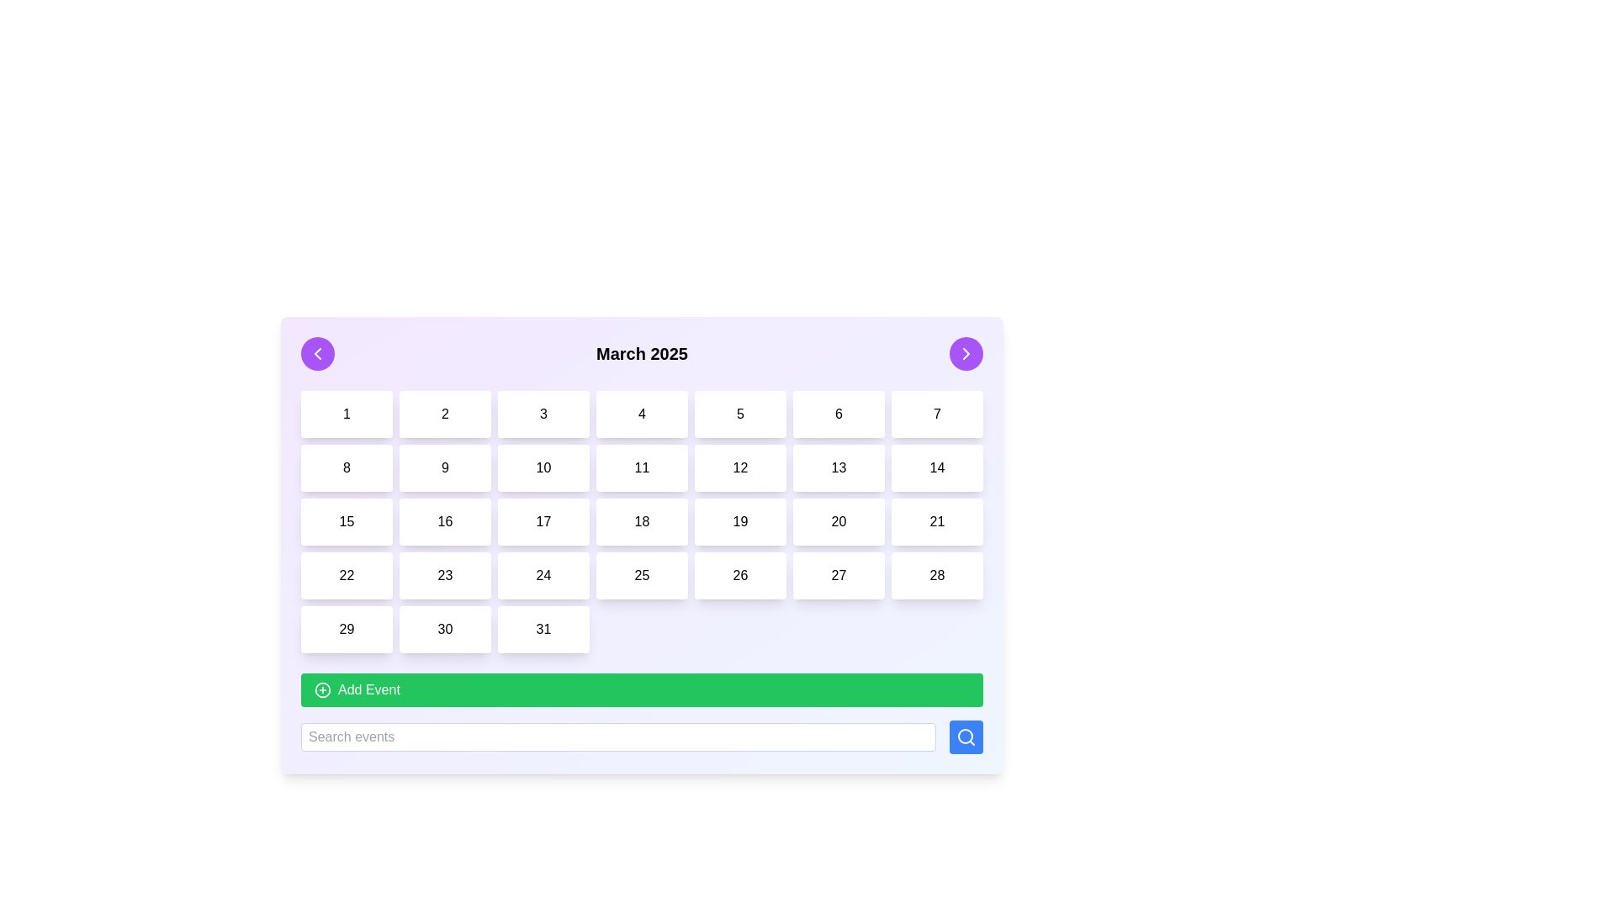 This screenshot has height=908, width=1615. What do you see at coordinates (641, 521) in the screenshot?
I see `specific days within the Grid (Calendar Days Display) located below the title 'March 2025'` at bounding box center [641, 521].